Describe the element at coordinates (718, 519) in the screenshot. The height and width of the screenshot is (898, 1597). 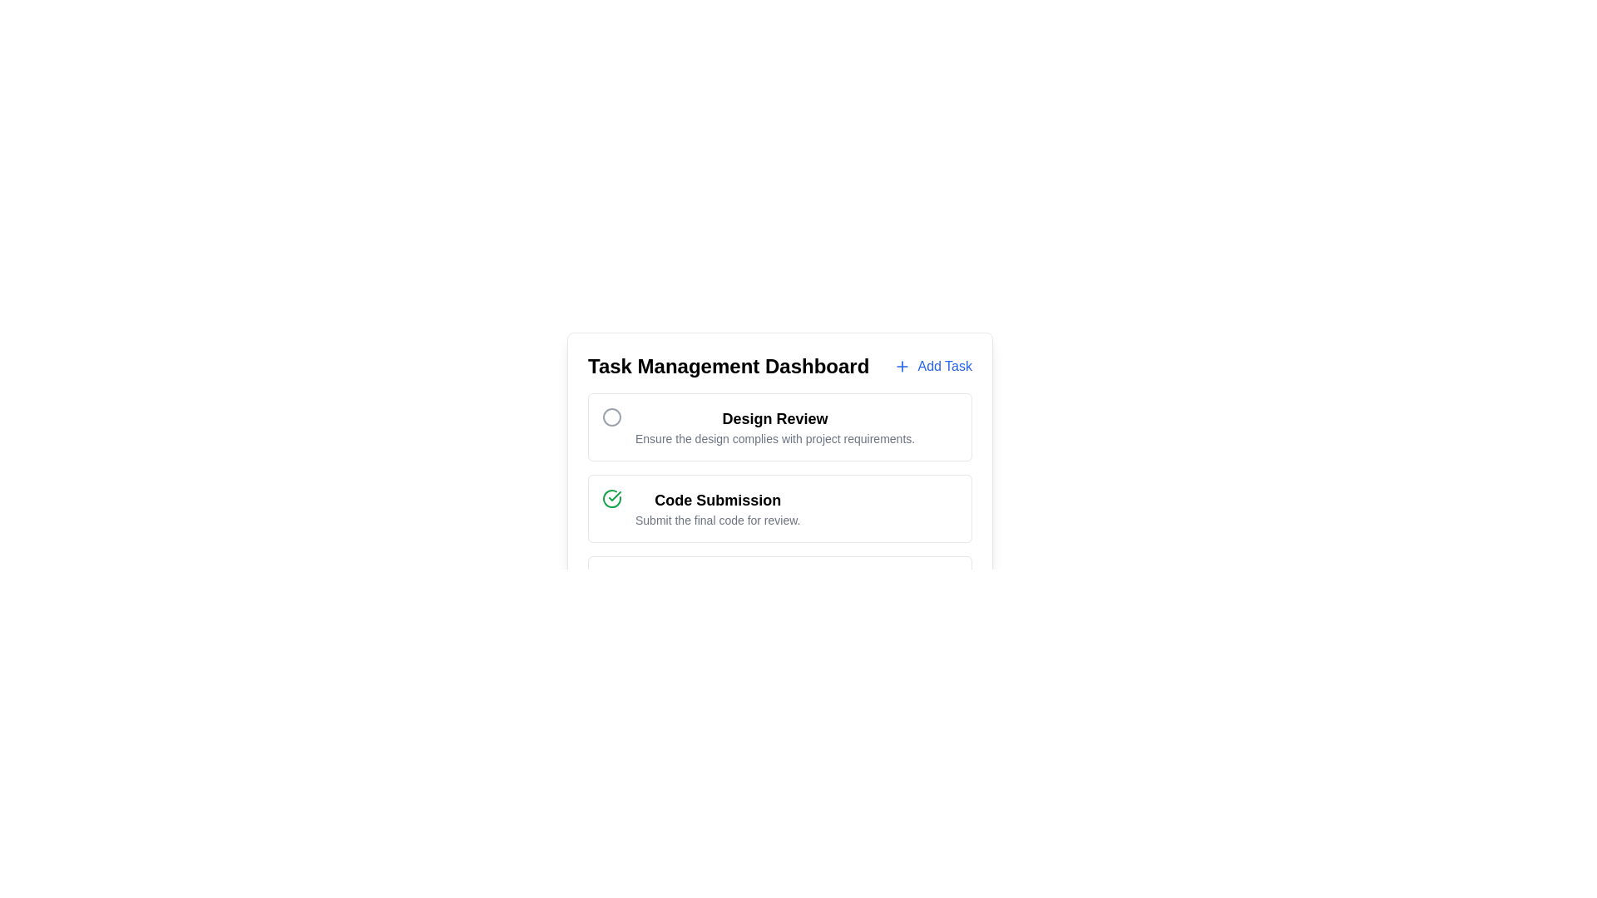
I see `the text label that reads 'Submit the final code for review.' located below the 'Code Submission' heading and to the right of the green checkmark icon` at that location.